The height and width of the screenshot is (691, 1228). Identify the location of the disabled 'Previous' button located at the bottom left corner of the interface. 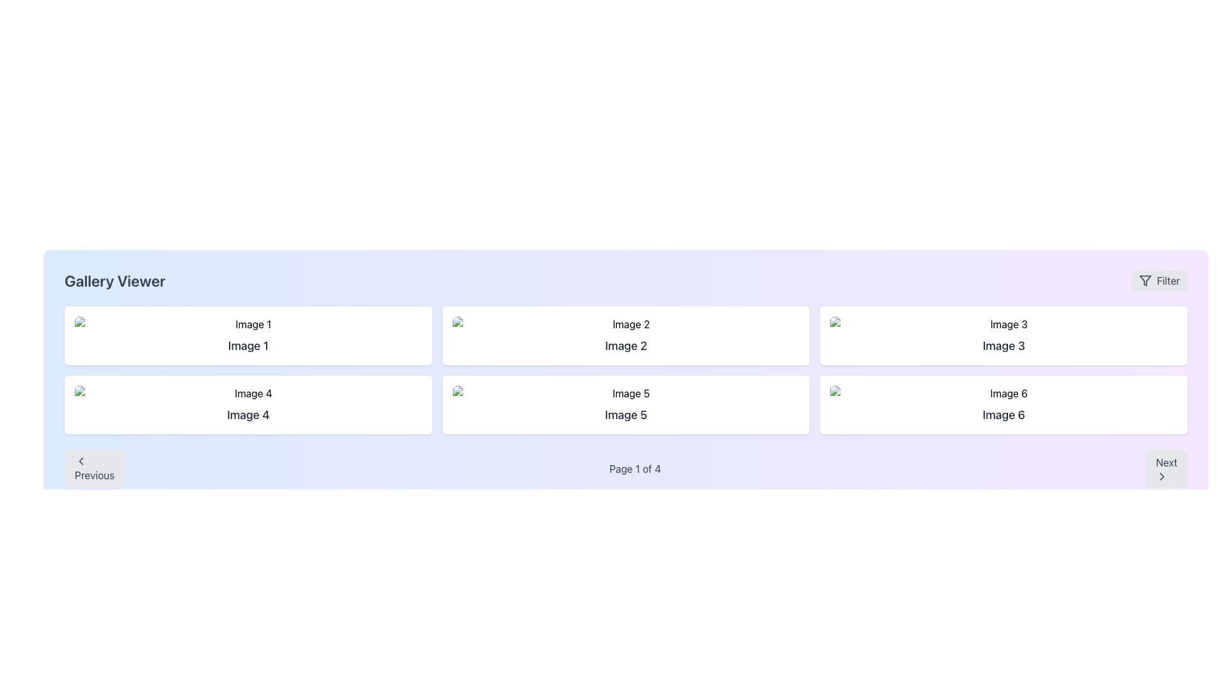
(94, 468).